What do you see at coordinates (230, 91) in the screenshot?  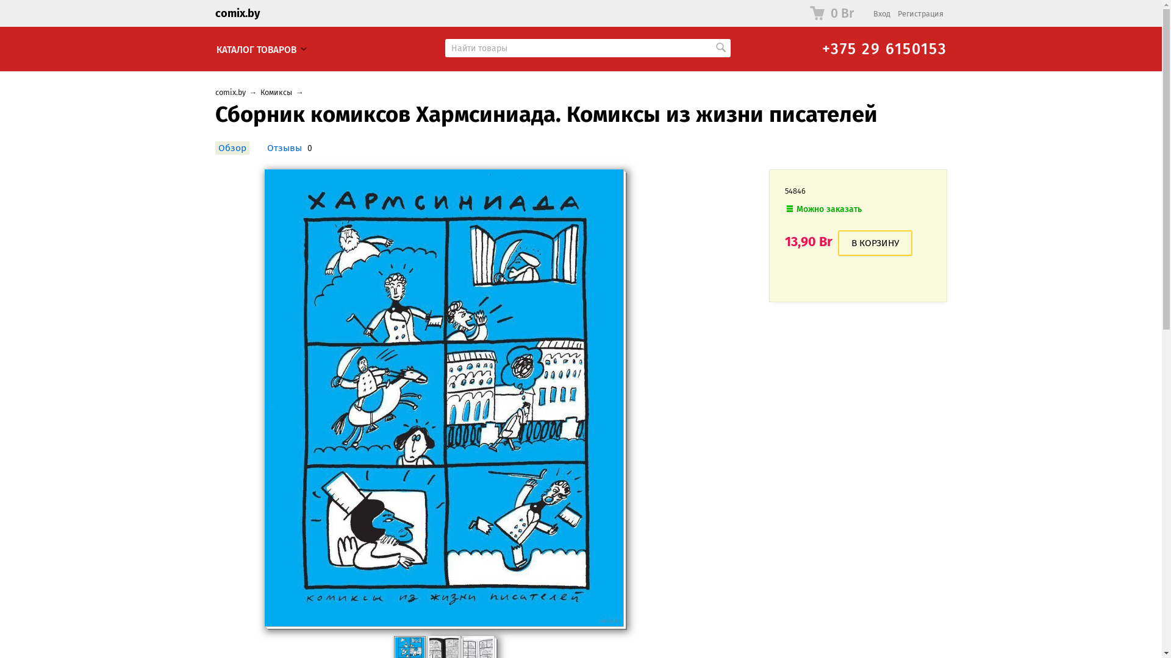 I see `'comix.by'` at bounding box center [230, 91].